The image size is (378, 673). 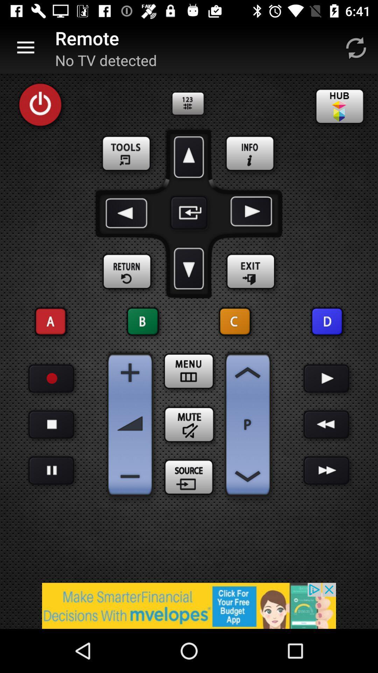 What do you see at coordinates (130, 372) in the screenshot?
I see `the add icon` at bounding box center [130, 372].